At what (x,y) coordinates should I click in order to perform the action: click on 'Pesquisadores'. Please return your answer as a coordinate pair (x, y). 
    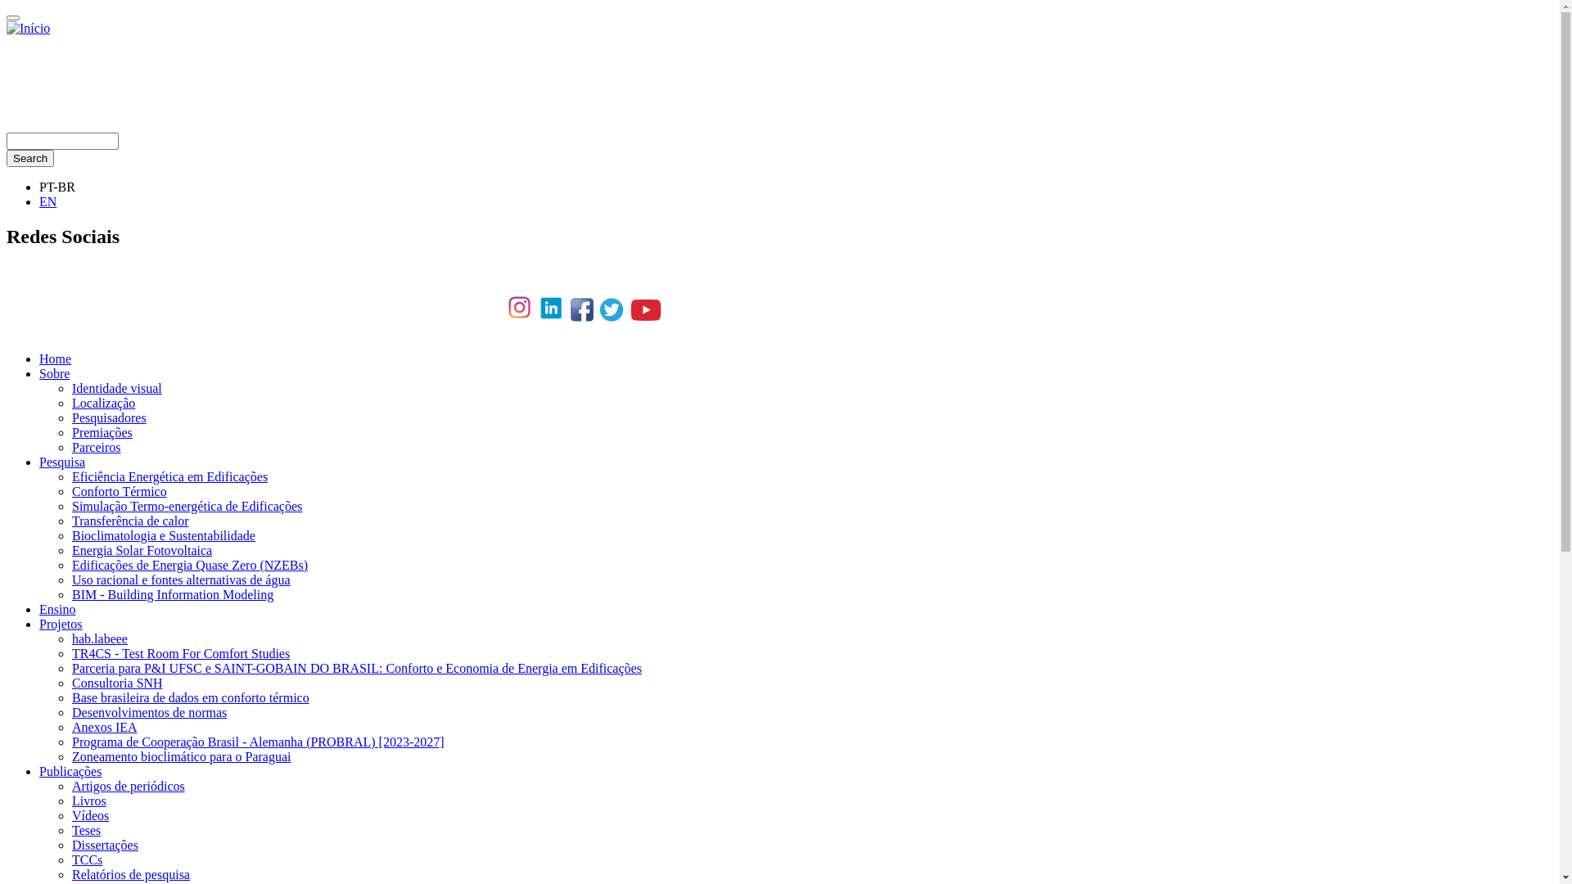
    Looking at the image, I should click on (108, 417).